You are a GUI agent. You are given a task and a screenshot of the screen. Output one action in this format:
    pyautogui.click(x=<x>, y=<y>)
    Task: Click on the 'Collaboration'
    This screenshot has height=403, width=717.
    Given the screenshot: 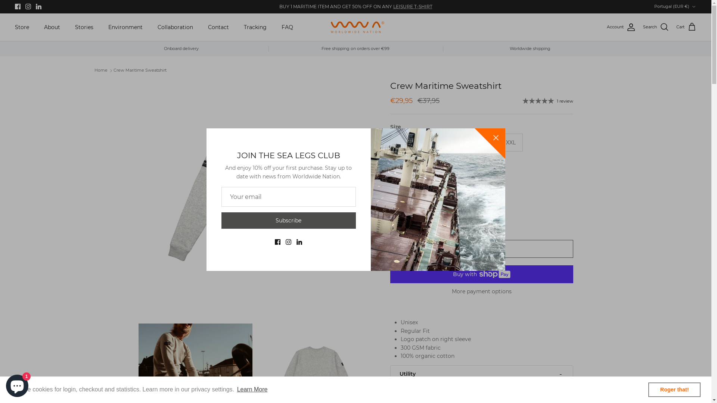 What is the action you would take?
    pyautogui.click(x=150, y=27)
    